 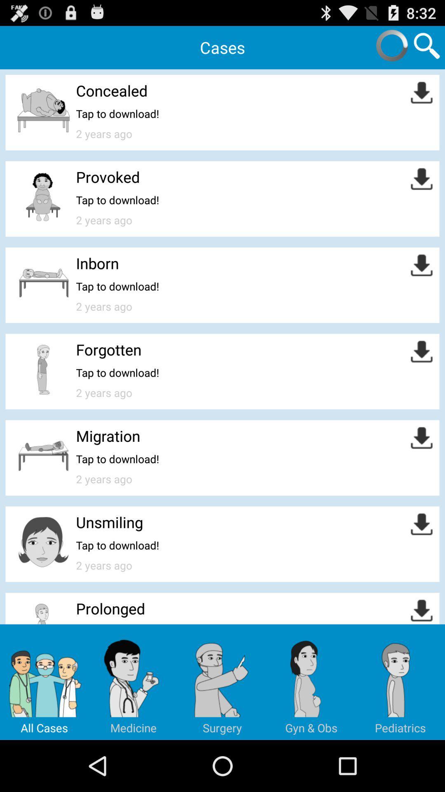 I want to click on app above tap to download! icon, so click(x=108, y=435).